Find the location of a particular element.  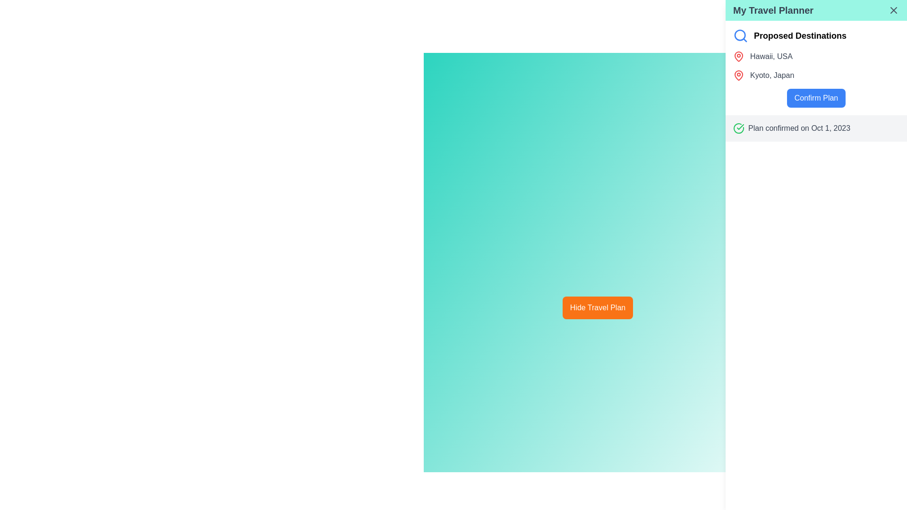

the second red map pin icon located to the left of the 'Kyoto, Japan' text in the list of proposed destinations is located at coordinates (738, 75).